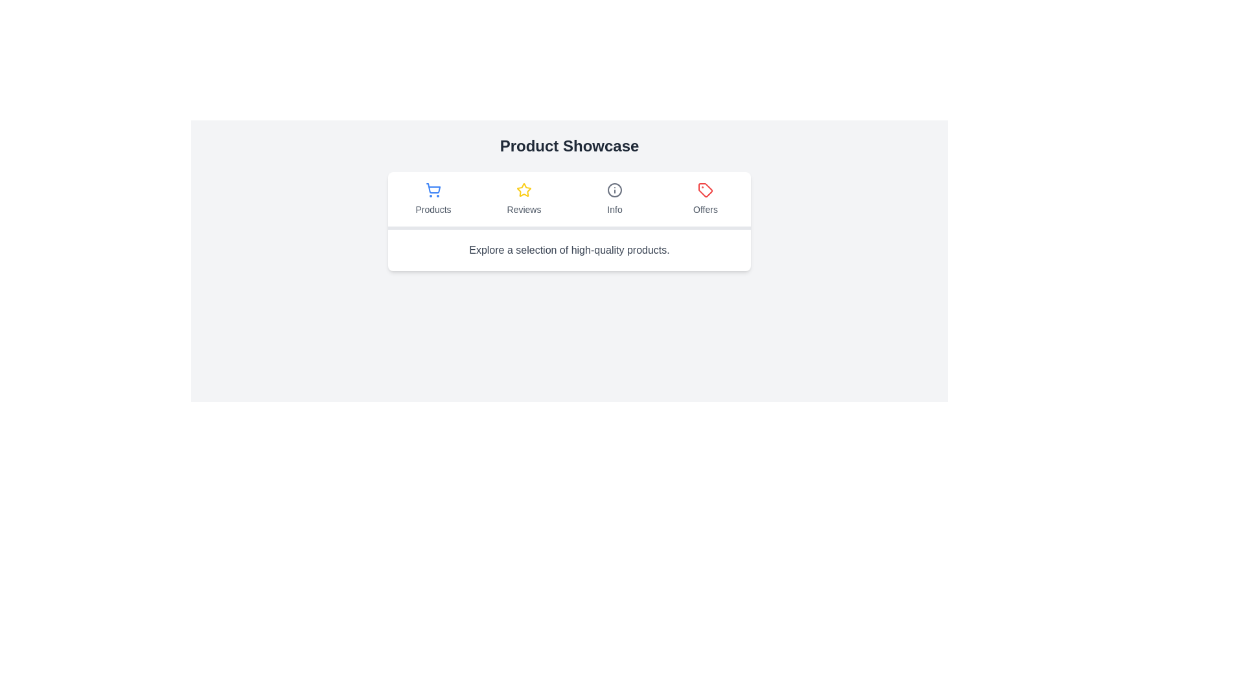 Image resolution: width=1244 pixels, height=699 pixels. Describe the element at coordinates (705, 190) in the screenshot. I see `the 'Offers' icon, which is located on the far right of the icon group that includes 'Products,' 'Reviews,' and 'Info.'` at that location.